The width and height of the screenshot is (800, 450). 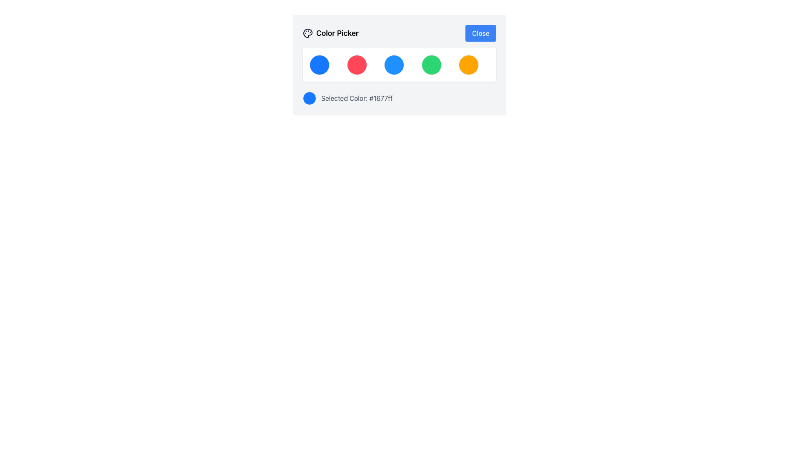 I want to click on the Text Label that describes the color picker functionality, located in the header section to the left of the 'Close' button and following the color palette icon, so click(x=330, y=33).